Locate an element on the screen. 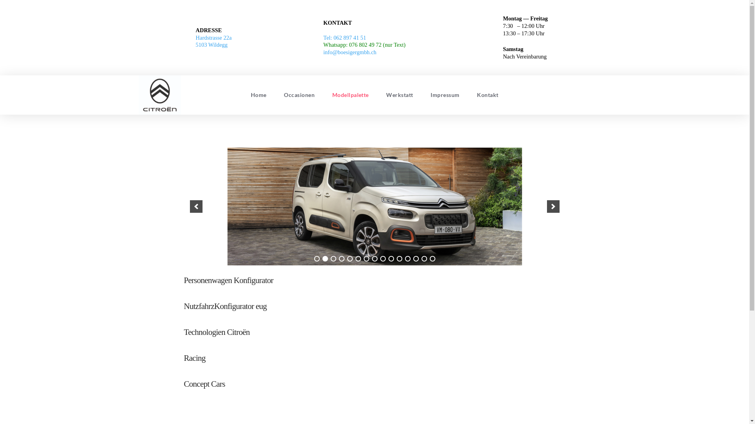  '8' is located at coordinates (374, 259).